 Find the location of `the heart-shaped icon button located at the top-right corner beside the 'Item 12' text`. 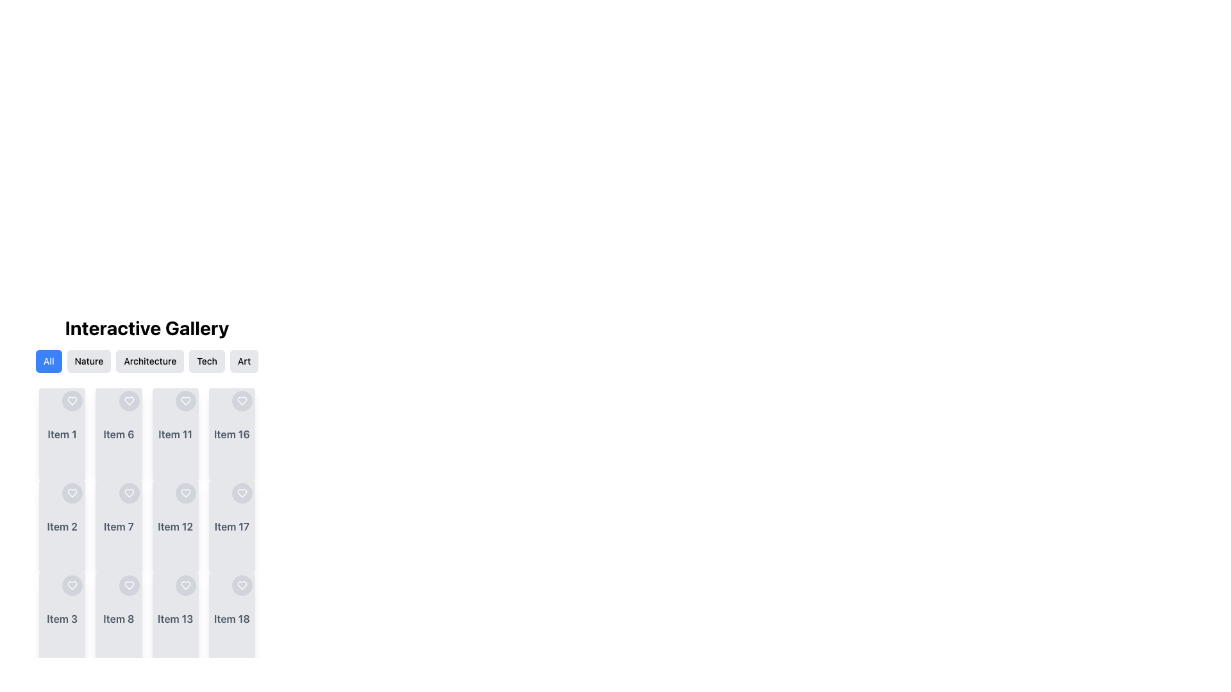

the heart-shaped icon button located at the top-right corner beside the 'Item 12' text is located at coordinates (185, 493).